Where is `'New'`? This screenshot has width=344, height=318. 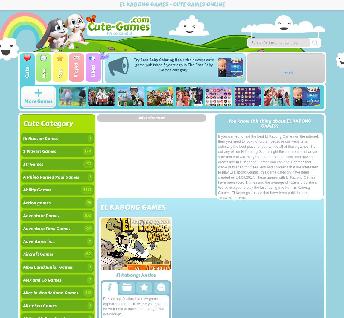 'New' is located at coordinates (43, 73).